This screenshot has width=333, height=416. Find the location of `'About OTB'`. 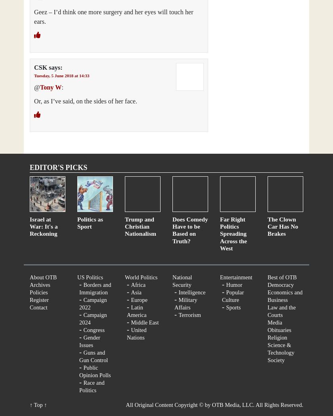

'About OTB' is located at coordinates (43, 277).